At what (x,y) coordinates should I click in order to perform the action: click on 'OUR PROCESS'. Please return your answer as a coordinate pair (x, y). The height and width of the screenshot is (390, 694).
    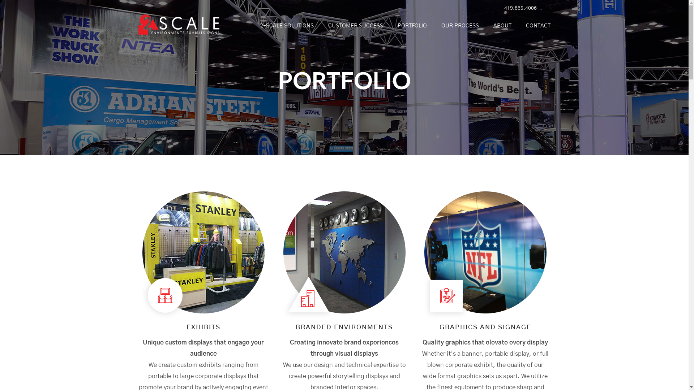
    Looking at the image, I should click on (459, 26).